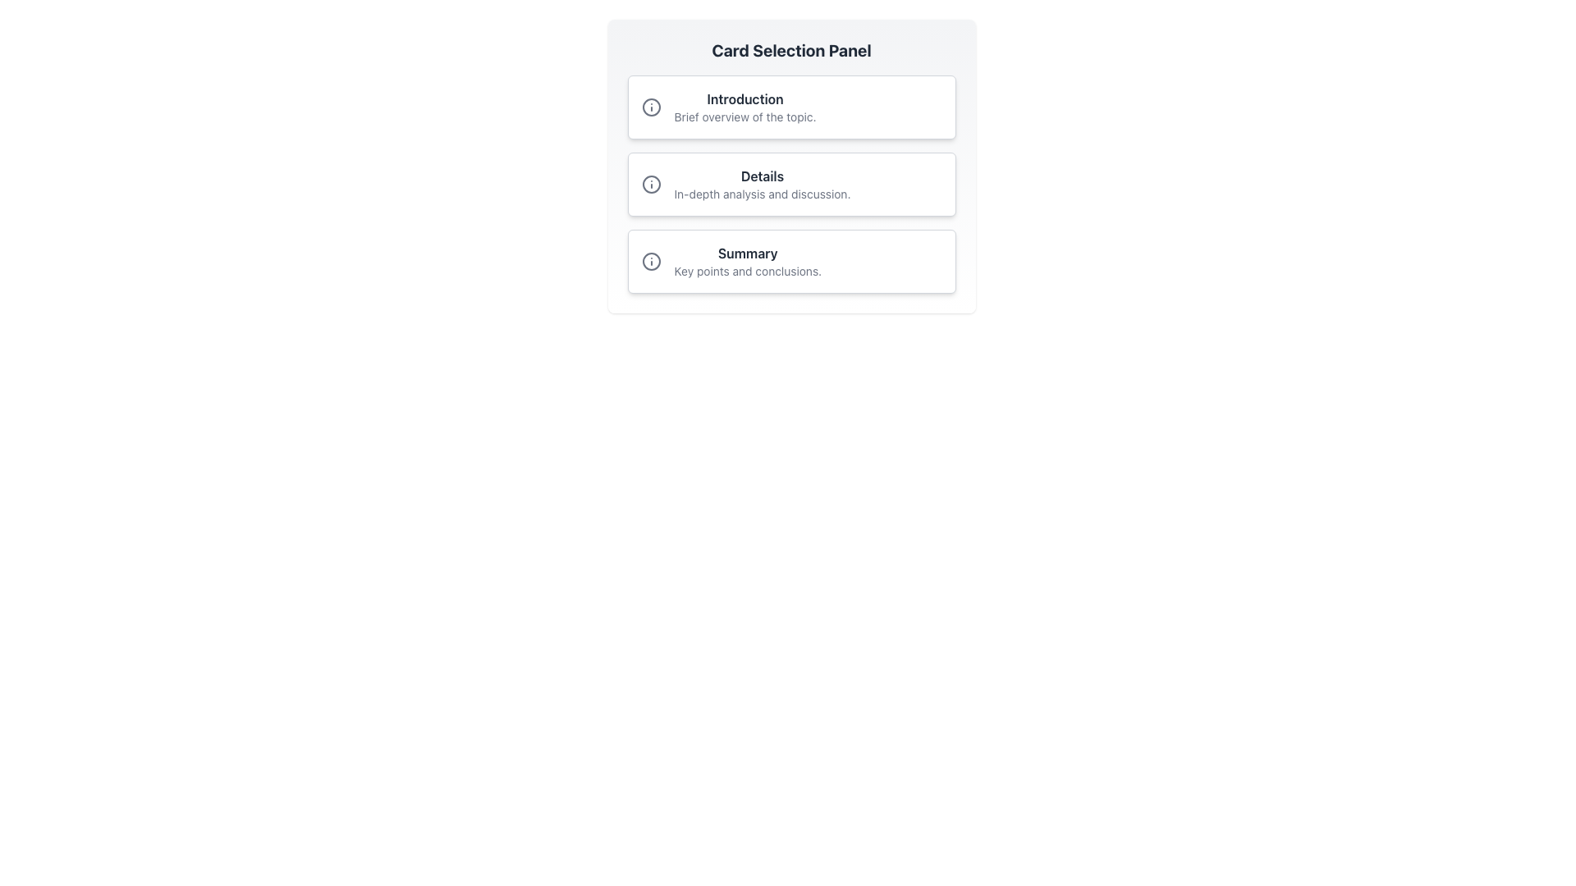 This screenshot has height=886, width=1576. Describe the element at coordinates (747, 271) in the screenshot. I see `the static text displaying 'Key points and conclusions.' which is styled in a smaller font size and light gray color, positioned beneath the bold 'Summary' header` at that location.